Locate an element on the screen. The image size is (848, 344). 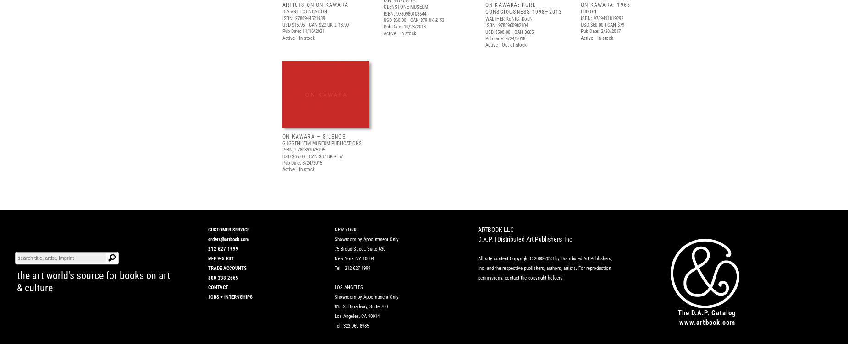
'TRADE ACCOUNTS' is located at coordinates (227, 268).